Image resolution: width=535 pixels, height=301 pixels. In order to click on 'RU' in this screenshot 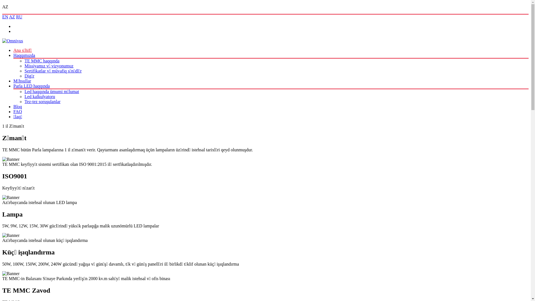, I will do `click(16, 16)`.